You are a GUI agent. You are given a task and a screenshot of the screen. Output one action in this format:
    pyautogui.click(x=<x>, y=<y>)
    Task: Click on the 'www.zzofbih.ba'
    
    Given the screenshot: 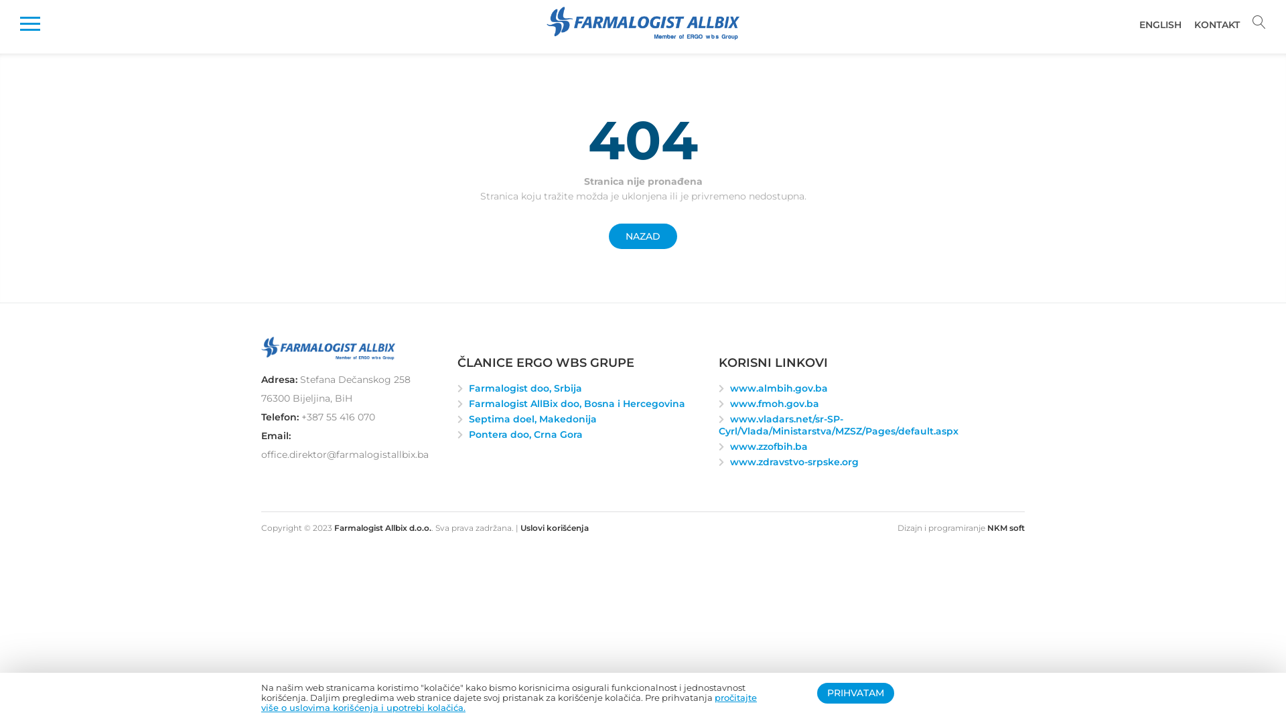 What is the action you would take?
    pyautogui.click(x=768, y=447)
    